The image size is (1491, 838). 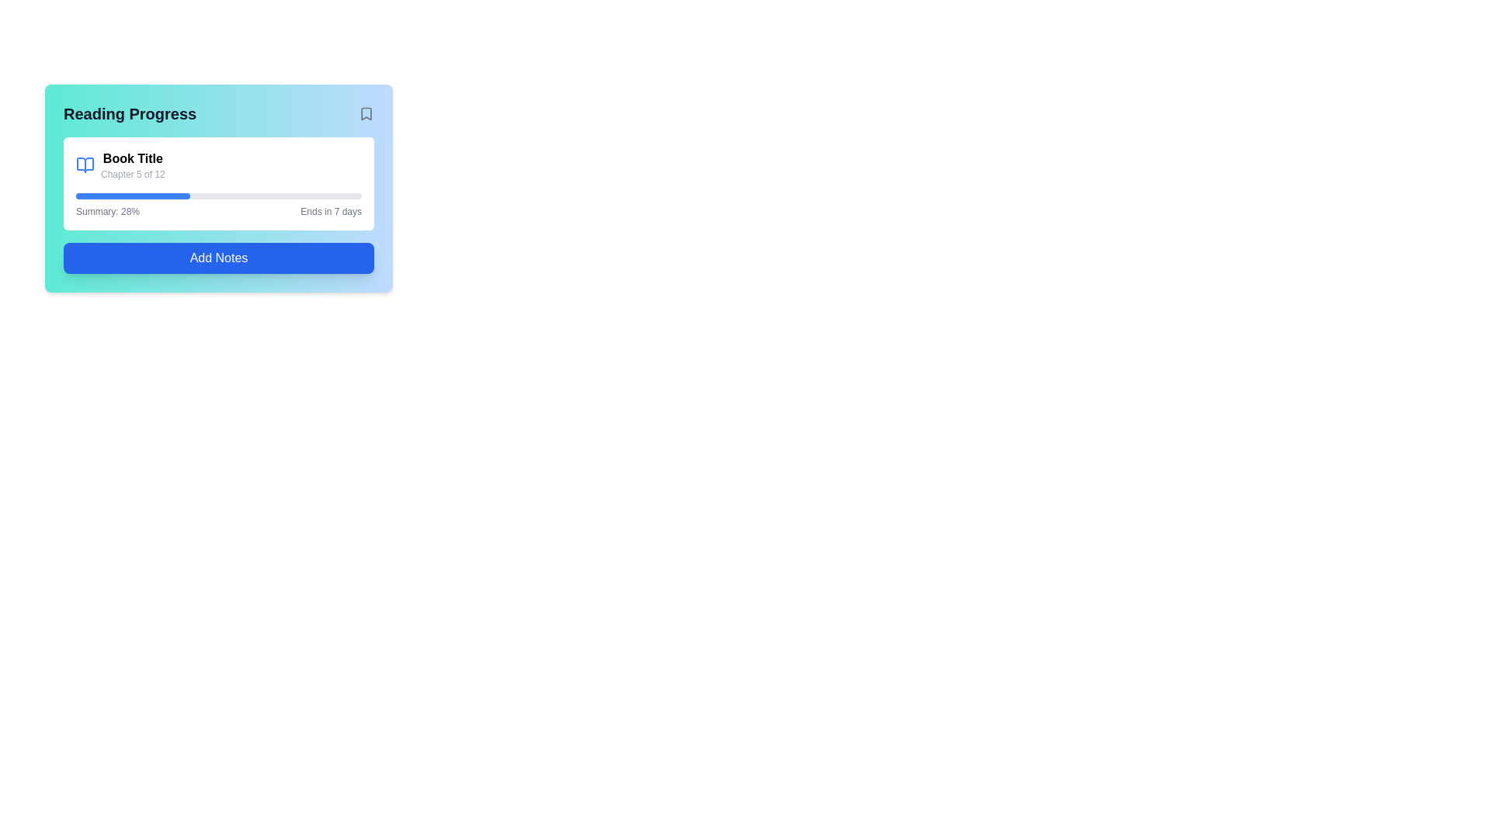 What do you see at coordinates (365, 113) in the screenshot?
I see `the bookmark icon located in the top-right corner of the 'Reading Progress' card` at bounding box center [365, 113].